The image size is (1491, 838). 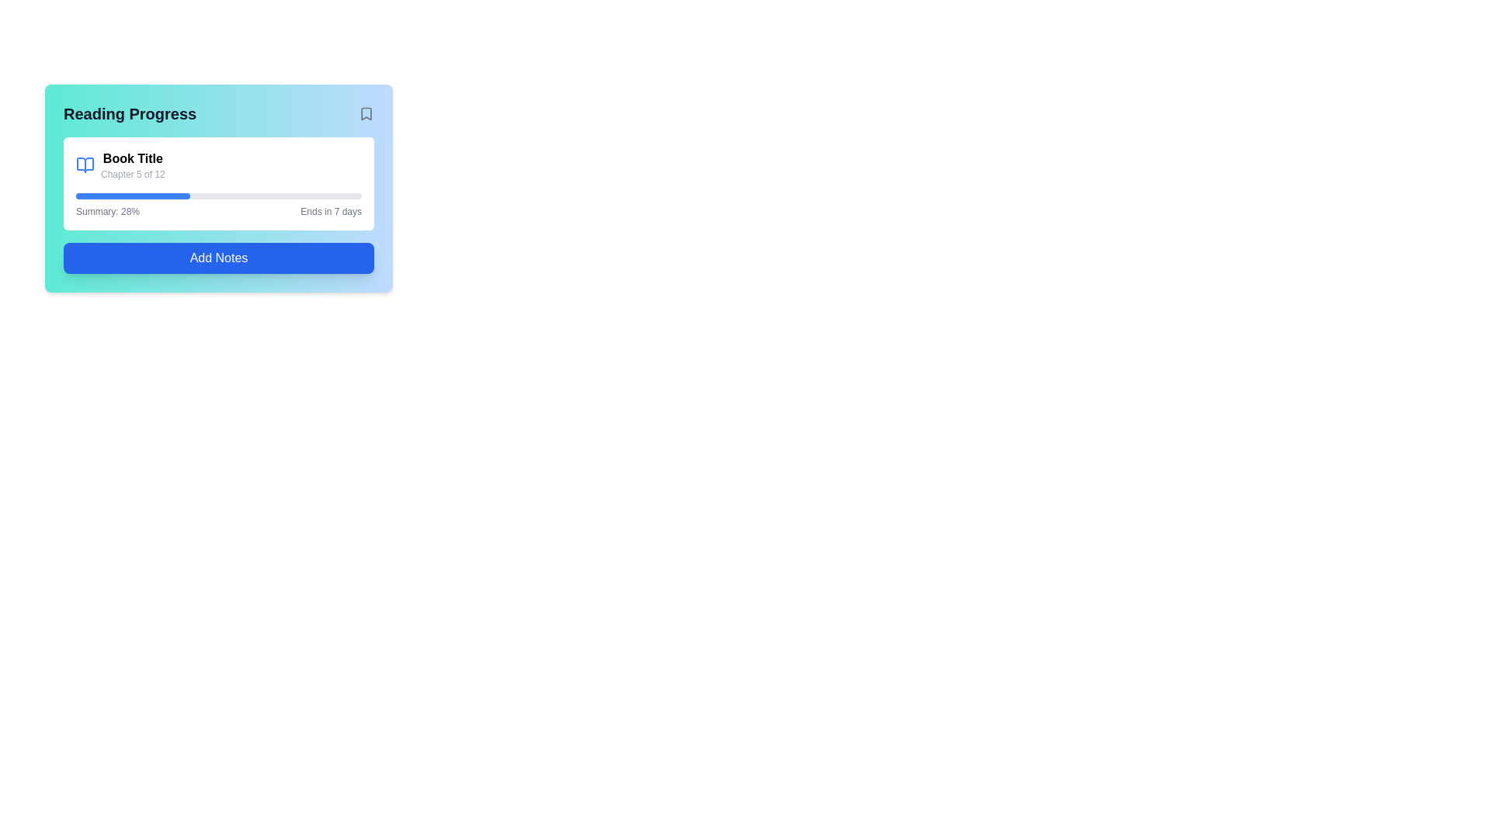 What do you see at coordinates (365, 113) in the screenshot?
I see `the bookmark icon located in the top-right corner of the 'Reading Progress' card` at bounding box center [365, 113].